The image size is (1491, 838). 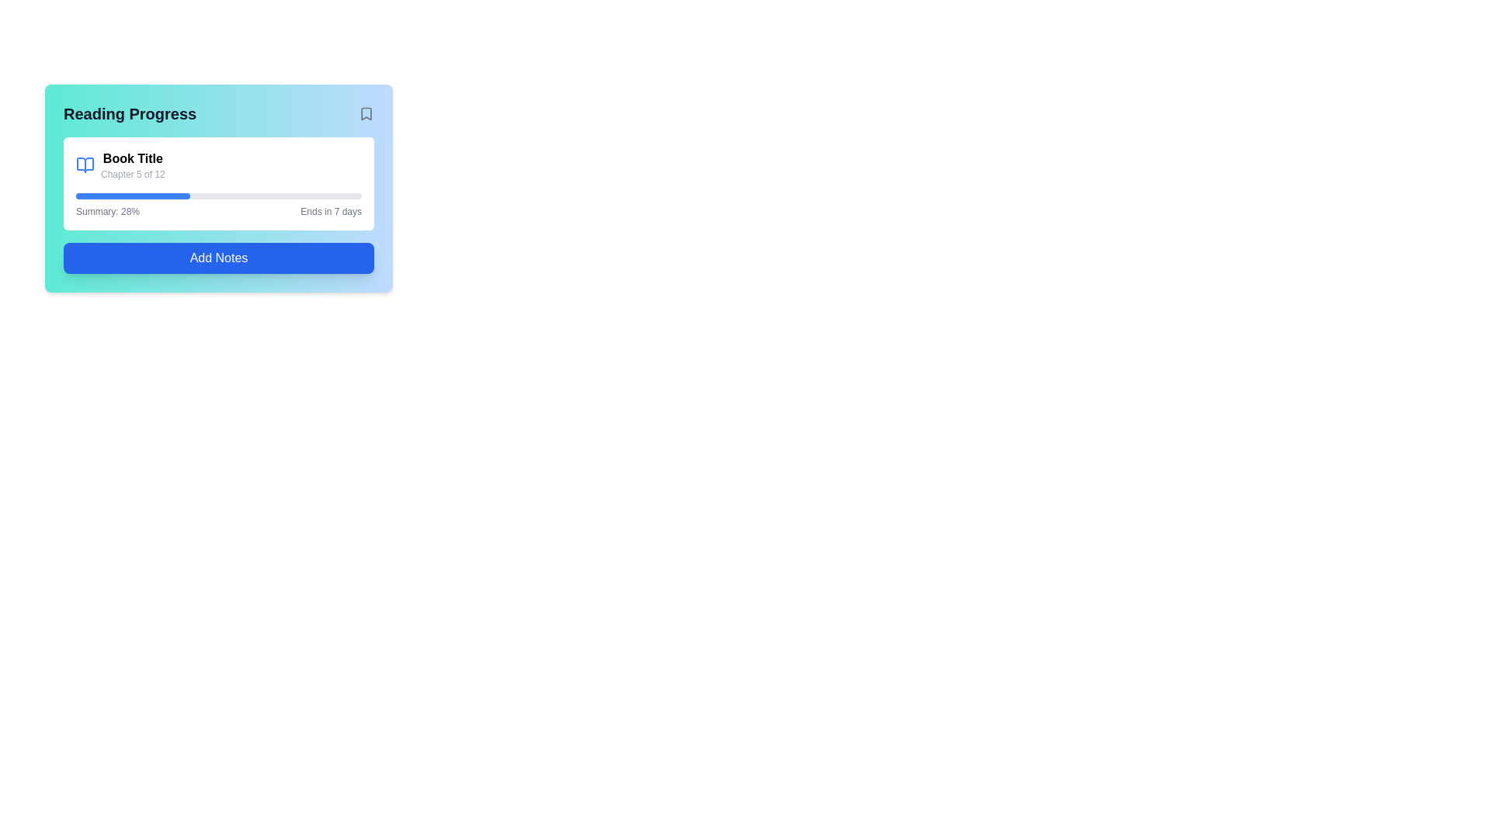 What do you see at coordinates (365, 113) in the screenshot?
I see `the bookmark icon located in the top-right corner of the 'Reading Progress' card` at bounding box center [365, 113].